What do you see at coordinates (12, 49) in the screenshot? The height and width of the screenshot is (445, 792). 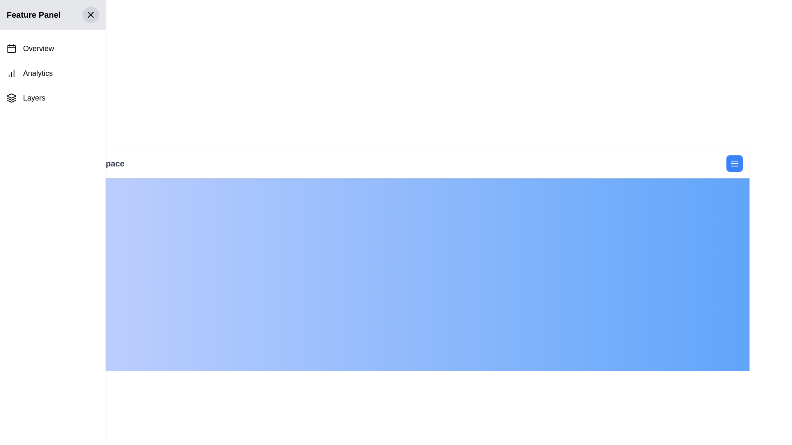 I see `the calendar icon representing the 'Overview' menu item, which is positioned to the far left of the menu item text 'Overview'` at bounding box center [12, 49].